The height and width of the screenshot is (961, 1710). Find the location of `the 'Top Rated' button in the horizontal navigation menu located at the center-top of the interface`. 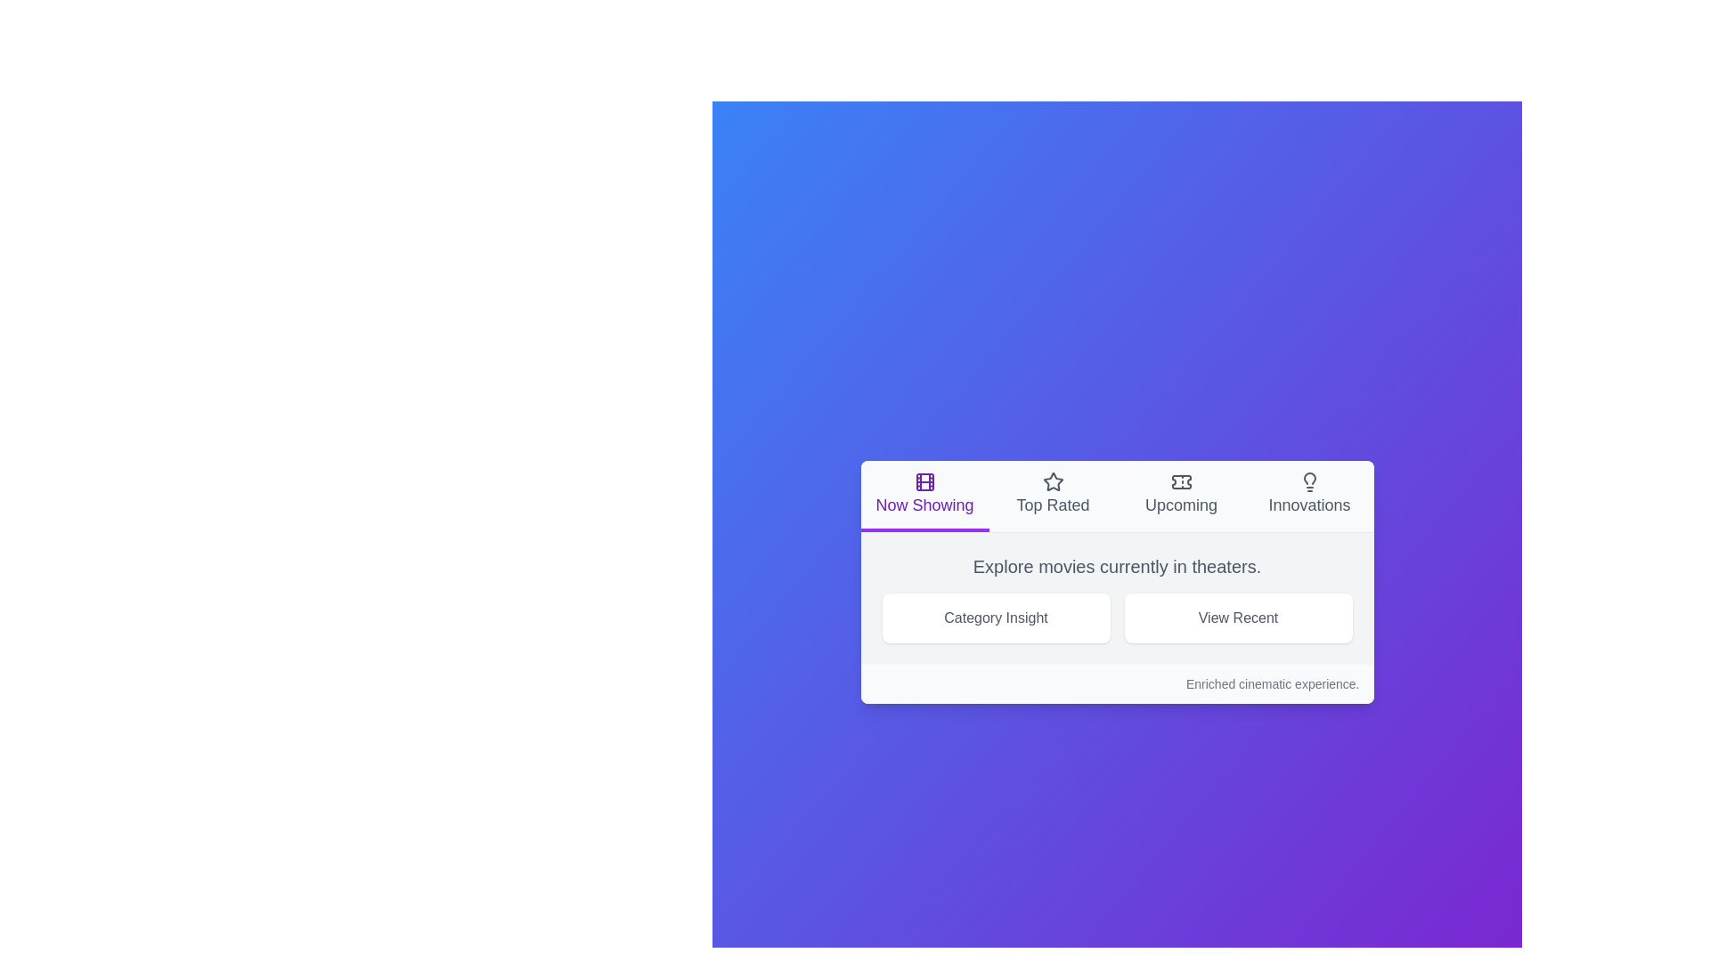

the 'Top Rated' button in the horizontal navigation menu located at the center-top of the interface is located at coordinates (1053, 494).